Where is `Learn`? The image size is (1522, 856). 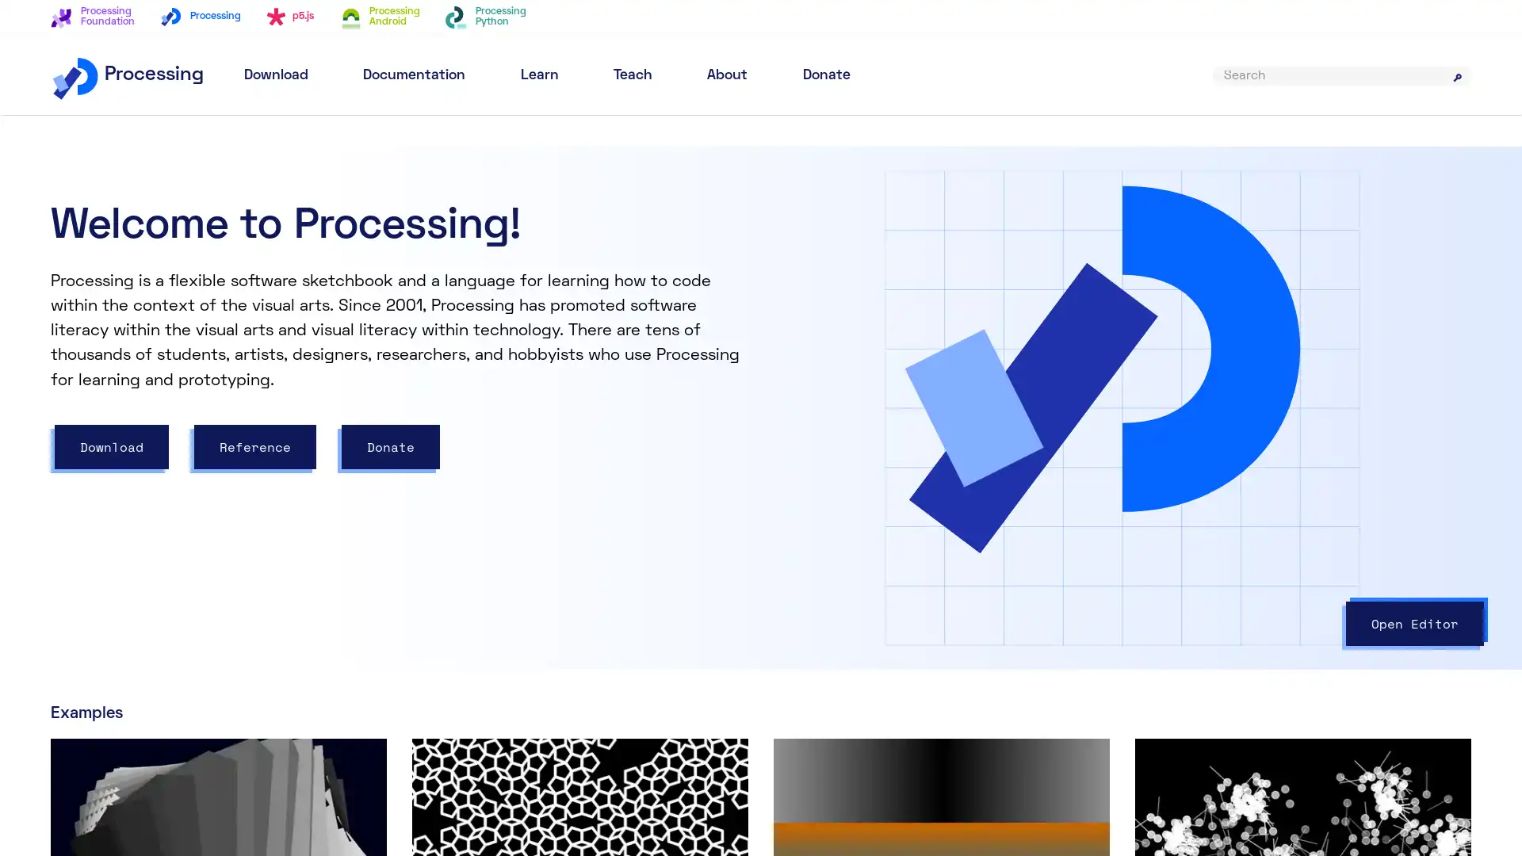 Learn is located at coordinates (539, 75).